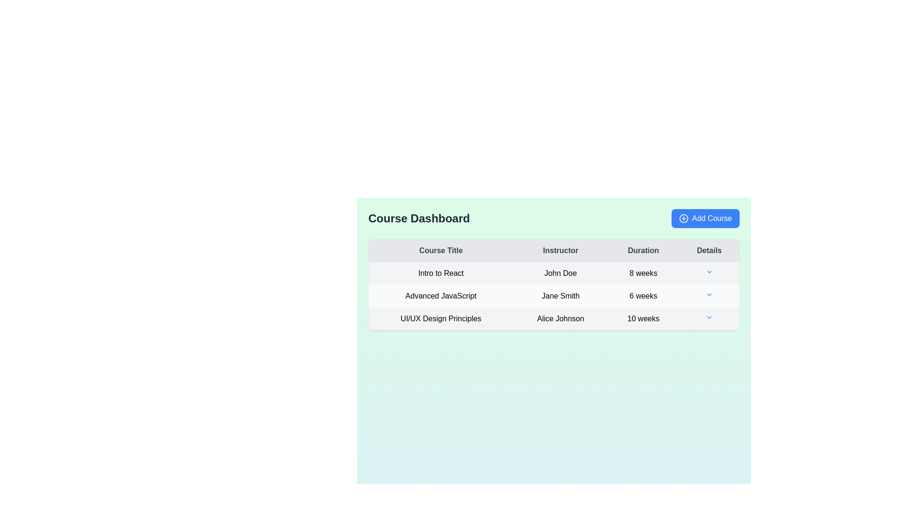 The width and height of the screenshot is (908, 511). I want to click on the downward-pointing blue chevron icon, which serves as the Dropdown Indicator located to the right of the '6 weeks' duration text in the 'Advanced JavaScript' row, so click(709, 295).